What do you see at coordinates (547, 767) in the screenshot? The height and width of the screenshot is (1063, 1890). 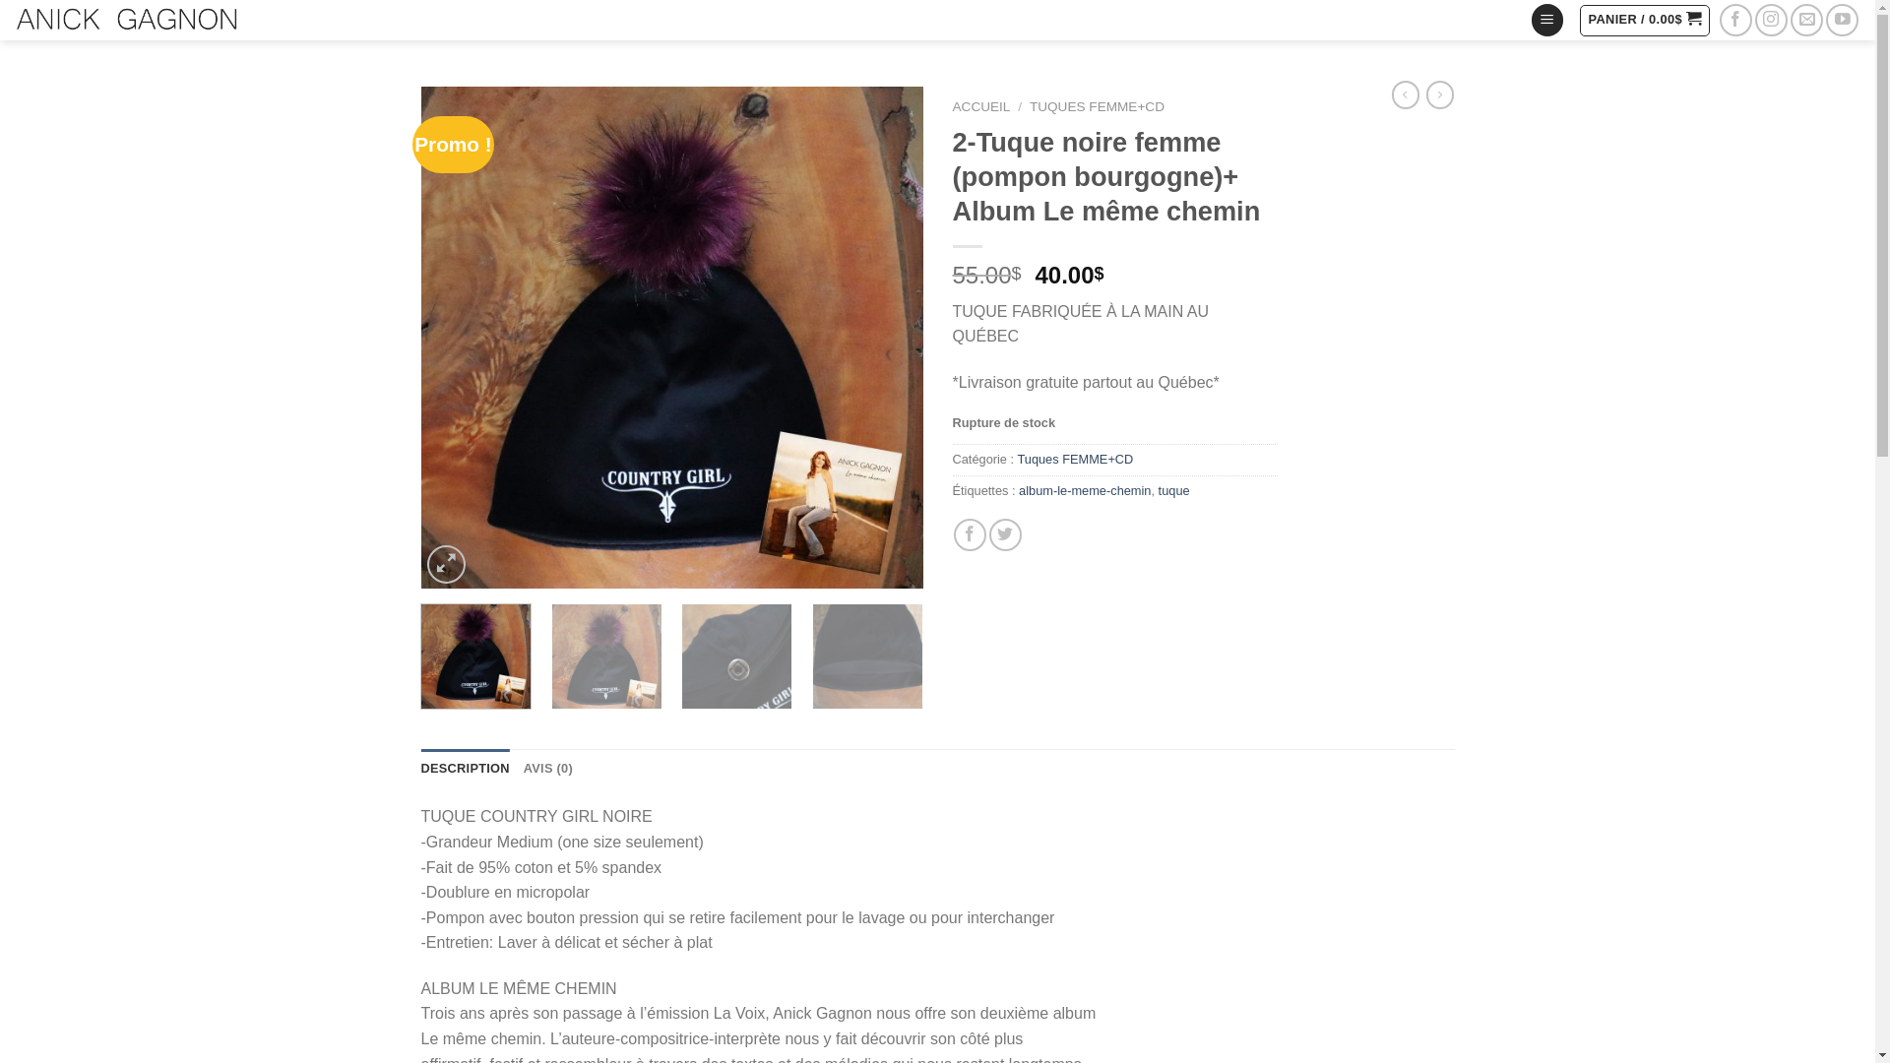 I see `'AVIS (0)'` at bounding box center [547, 767].